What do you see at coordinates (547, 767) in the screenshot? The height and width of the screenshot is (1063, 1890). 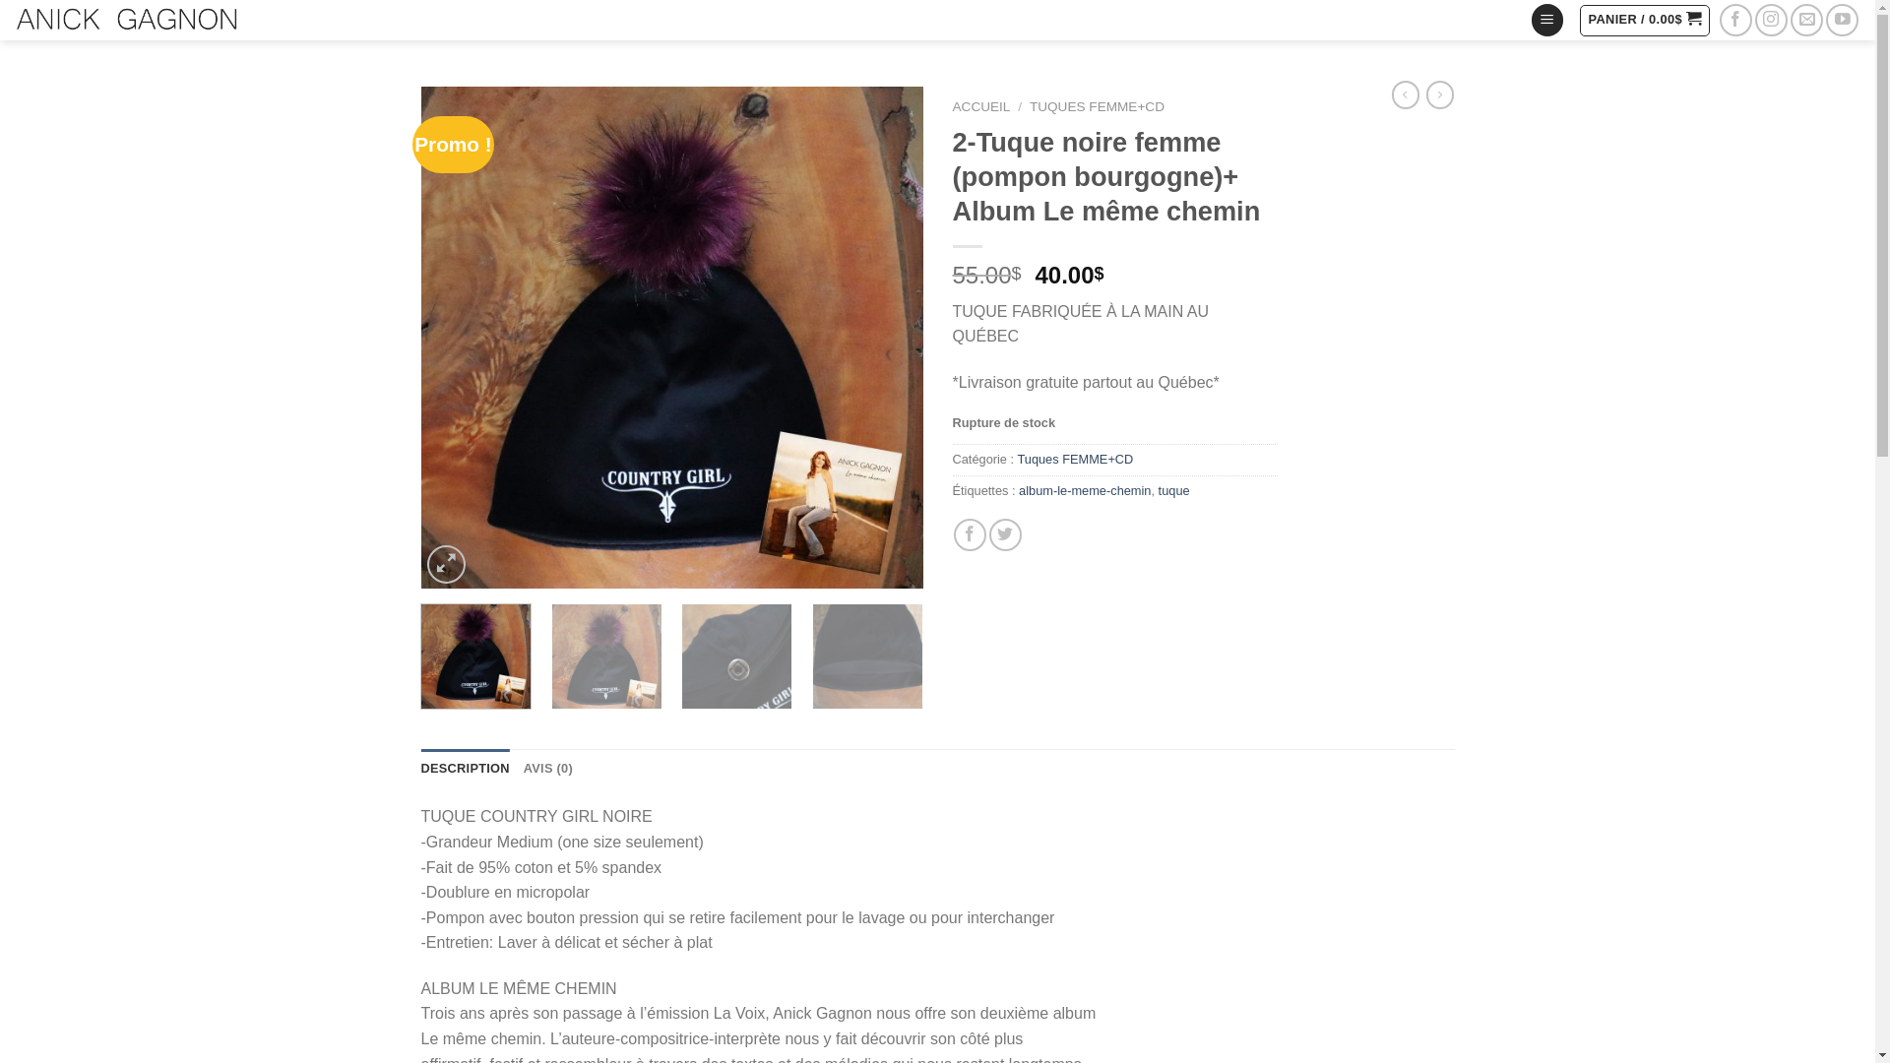 I see `'AVIS (0)'` at bounding box center [547, 767].